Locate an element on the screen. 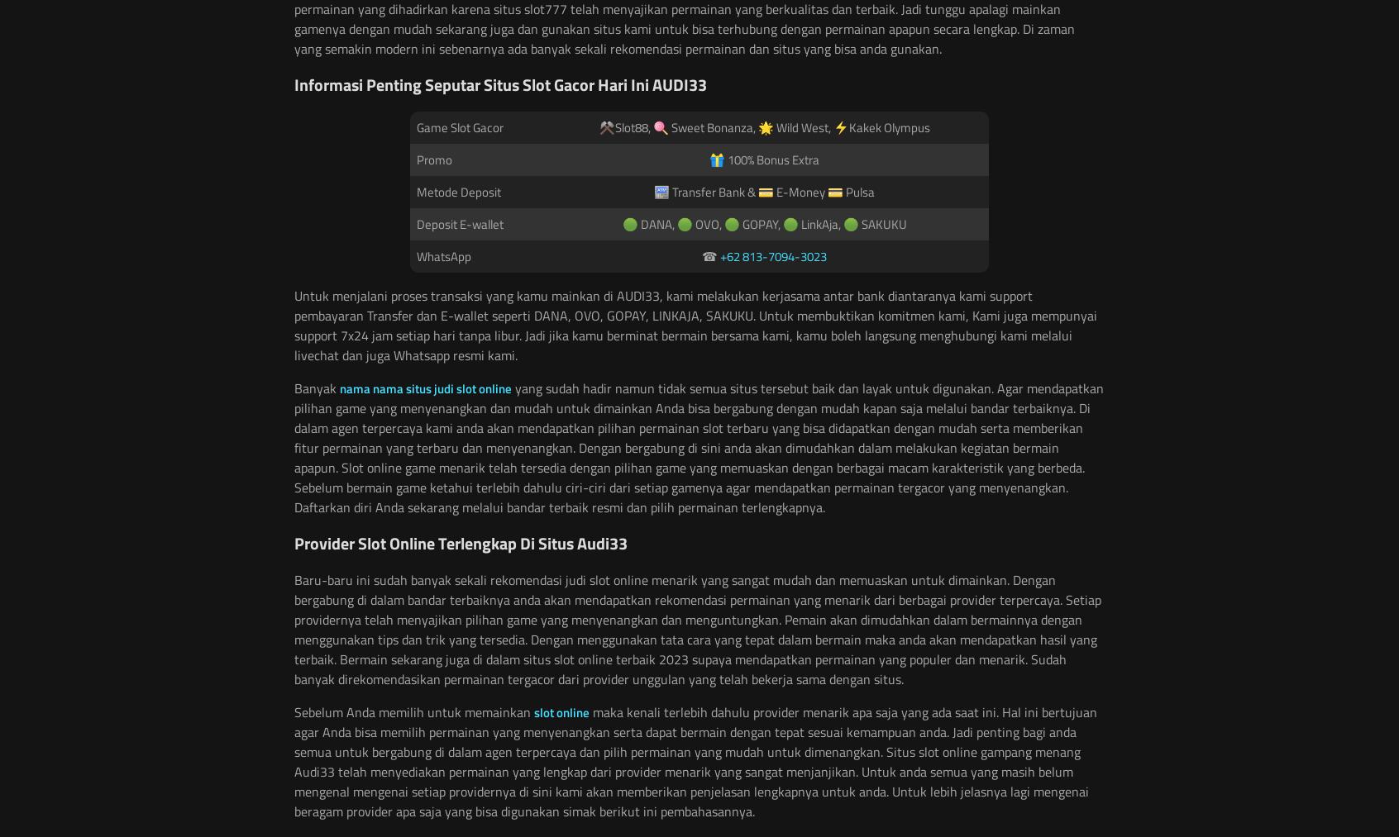 The image size is (1399, 837). '🎁 100% Bonus Extra' is located at coordinates (709, 159).